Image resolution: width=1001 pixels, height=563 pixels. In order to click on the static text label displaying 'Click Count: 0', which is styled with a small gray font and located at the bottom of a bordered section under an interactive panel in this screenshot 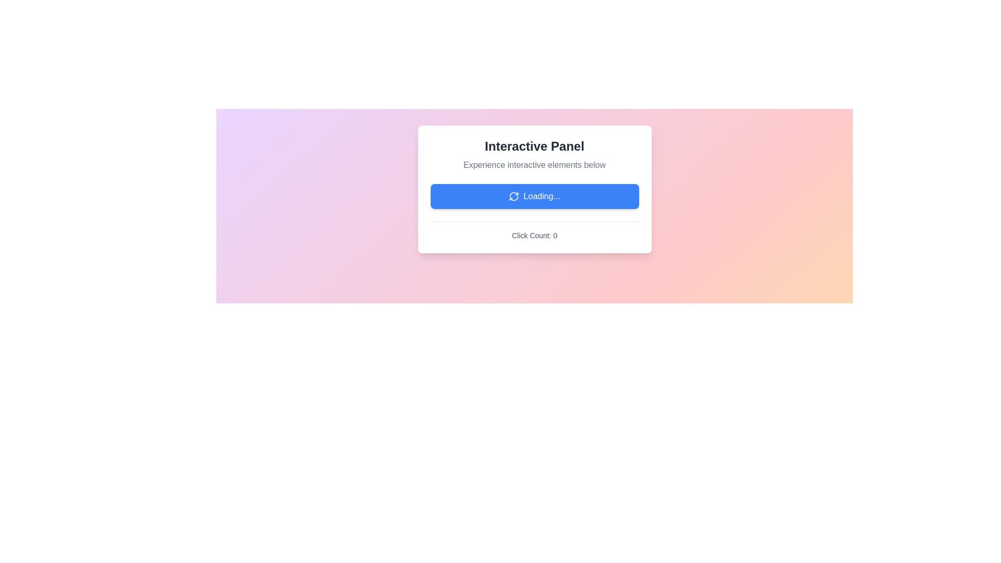, I will do `click(534, 235)`.